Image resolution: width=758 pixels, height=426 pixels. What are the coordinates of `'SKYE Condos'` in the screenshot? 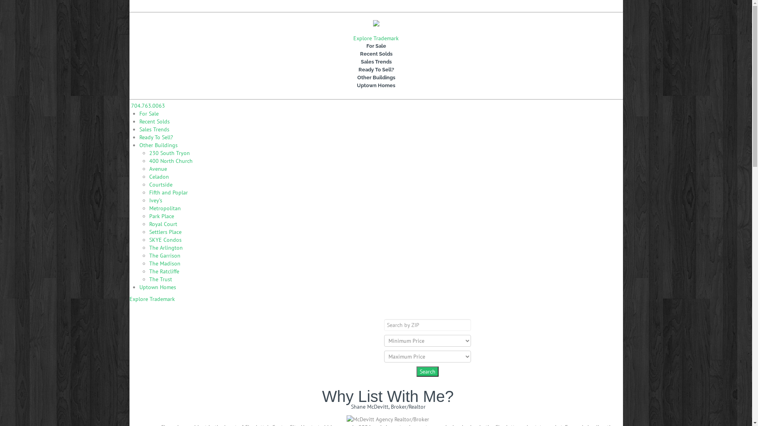 It's located at (165, 239).